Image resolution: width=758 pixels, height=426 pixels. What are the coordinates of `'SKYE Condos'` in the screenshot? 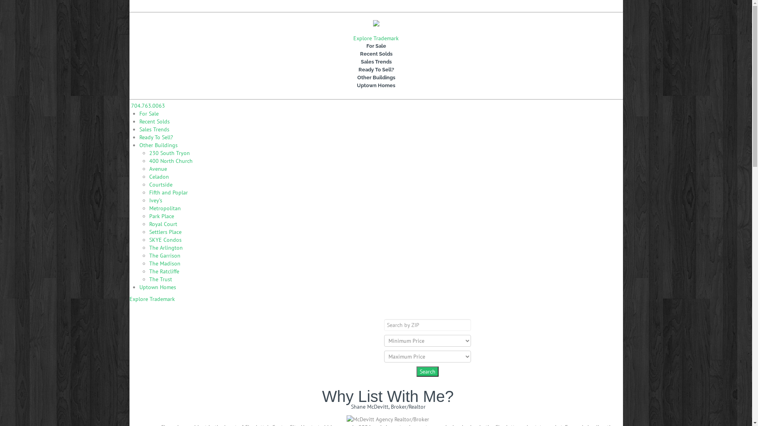 It's located at (165, 239).